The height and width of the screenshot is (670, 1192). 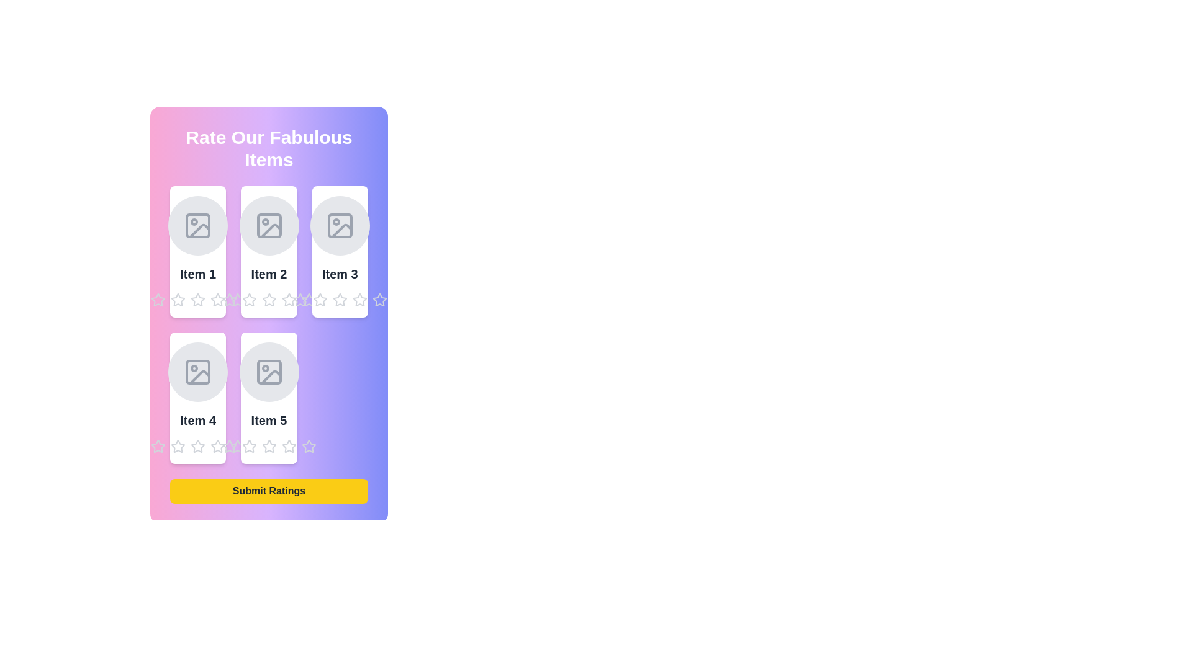 I want to click on the image placeholder for Item 1, so click(x=197, y=225).